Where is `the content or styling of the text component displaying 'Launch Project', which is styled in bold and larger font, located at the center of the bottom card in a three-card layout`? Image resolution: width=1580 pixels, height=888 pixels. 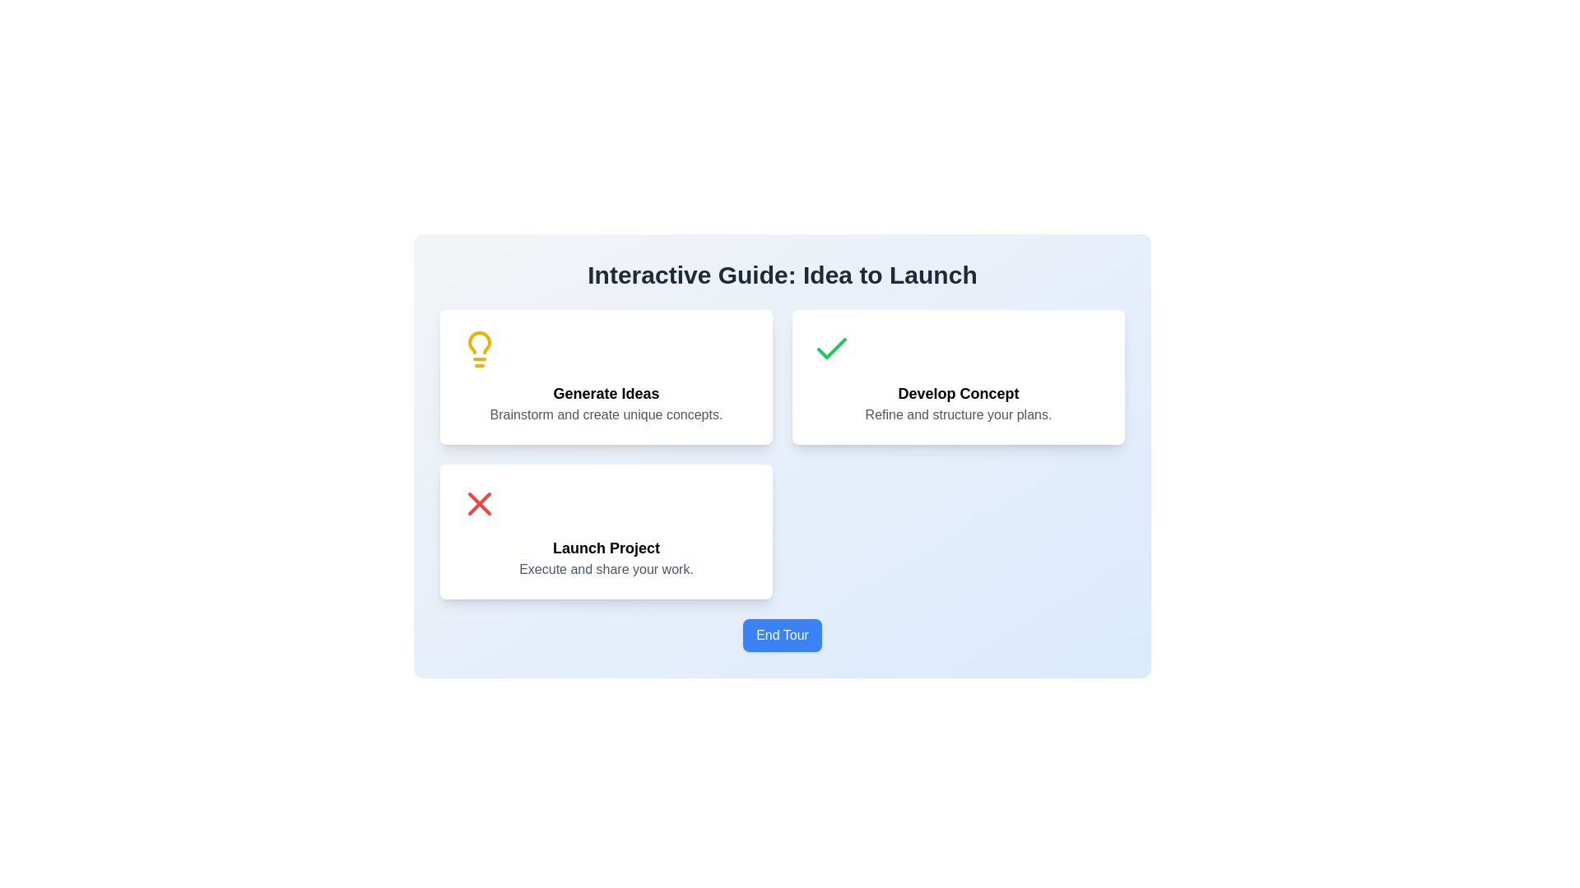 the content or styling of the text component displaying 'Launch Project', which is styled in bold and larger font, located at the center of the bottom card in a three-card layout is located at coordinates (606, 548).